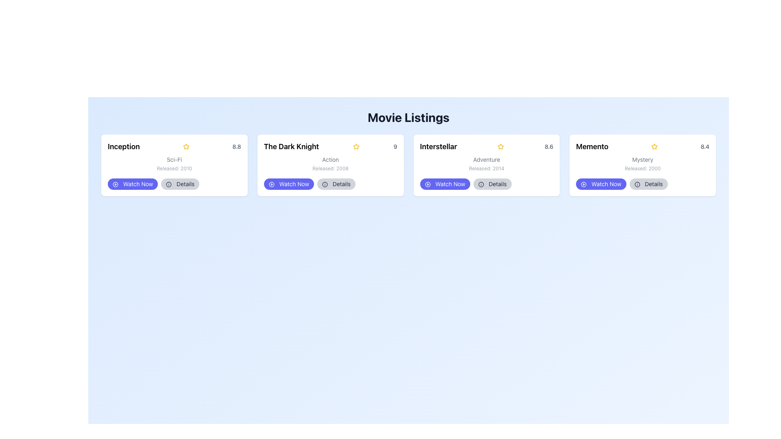 The width and height of the screenshot is (781, 439). Describe the element at coordinates (336, 184) in the screenshot. I see `the button next to the 'Watch Now' button that provides further information about the movie 'The Dark Knight' to trigger a visual response` at that location.